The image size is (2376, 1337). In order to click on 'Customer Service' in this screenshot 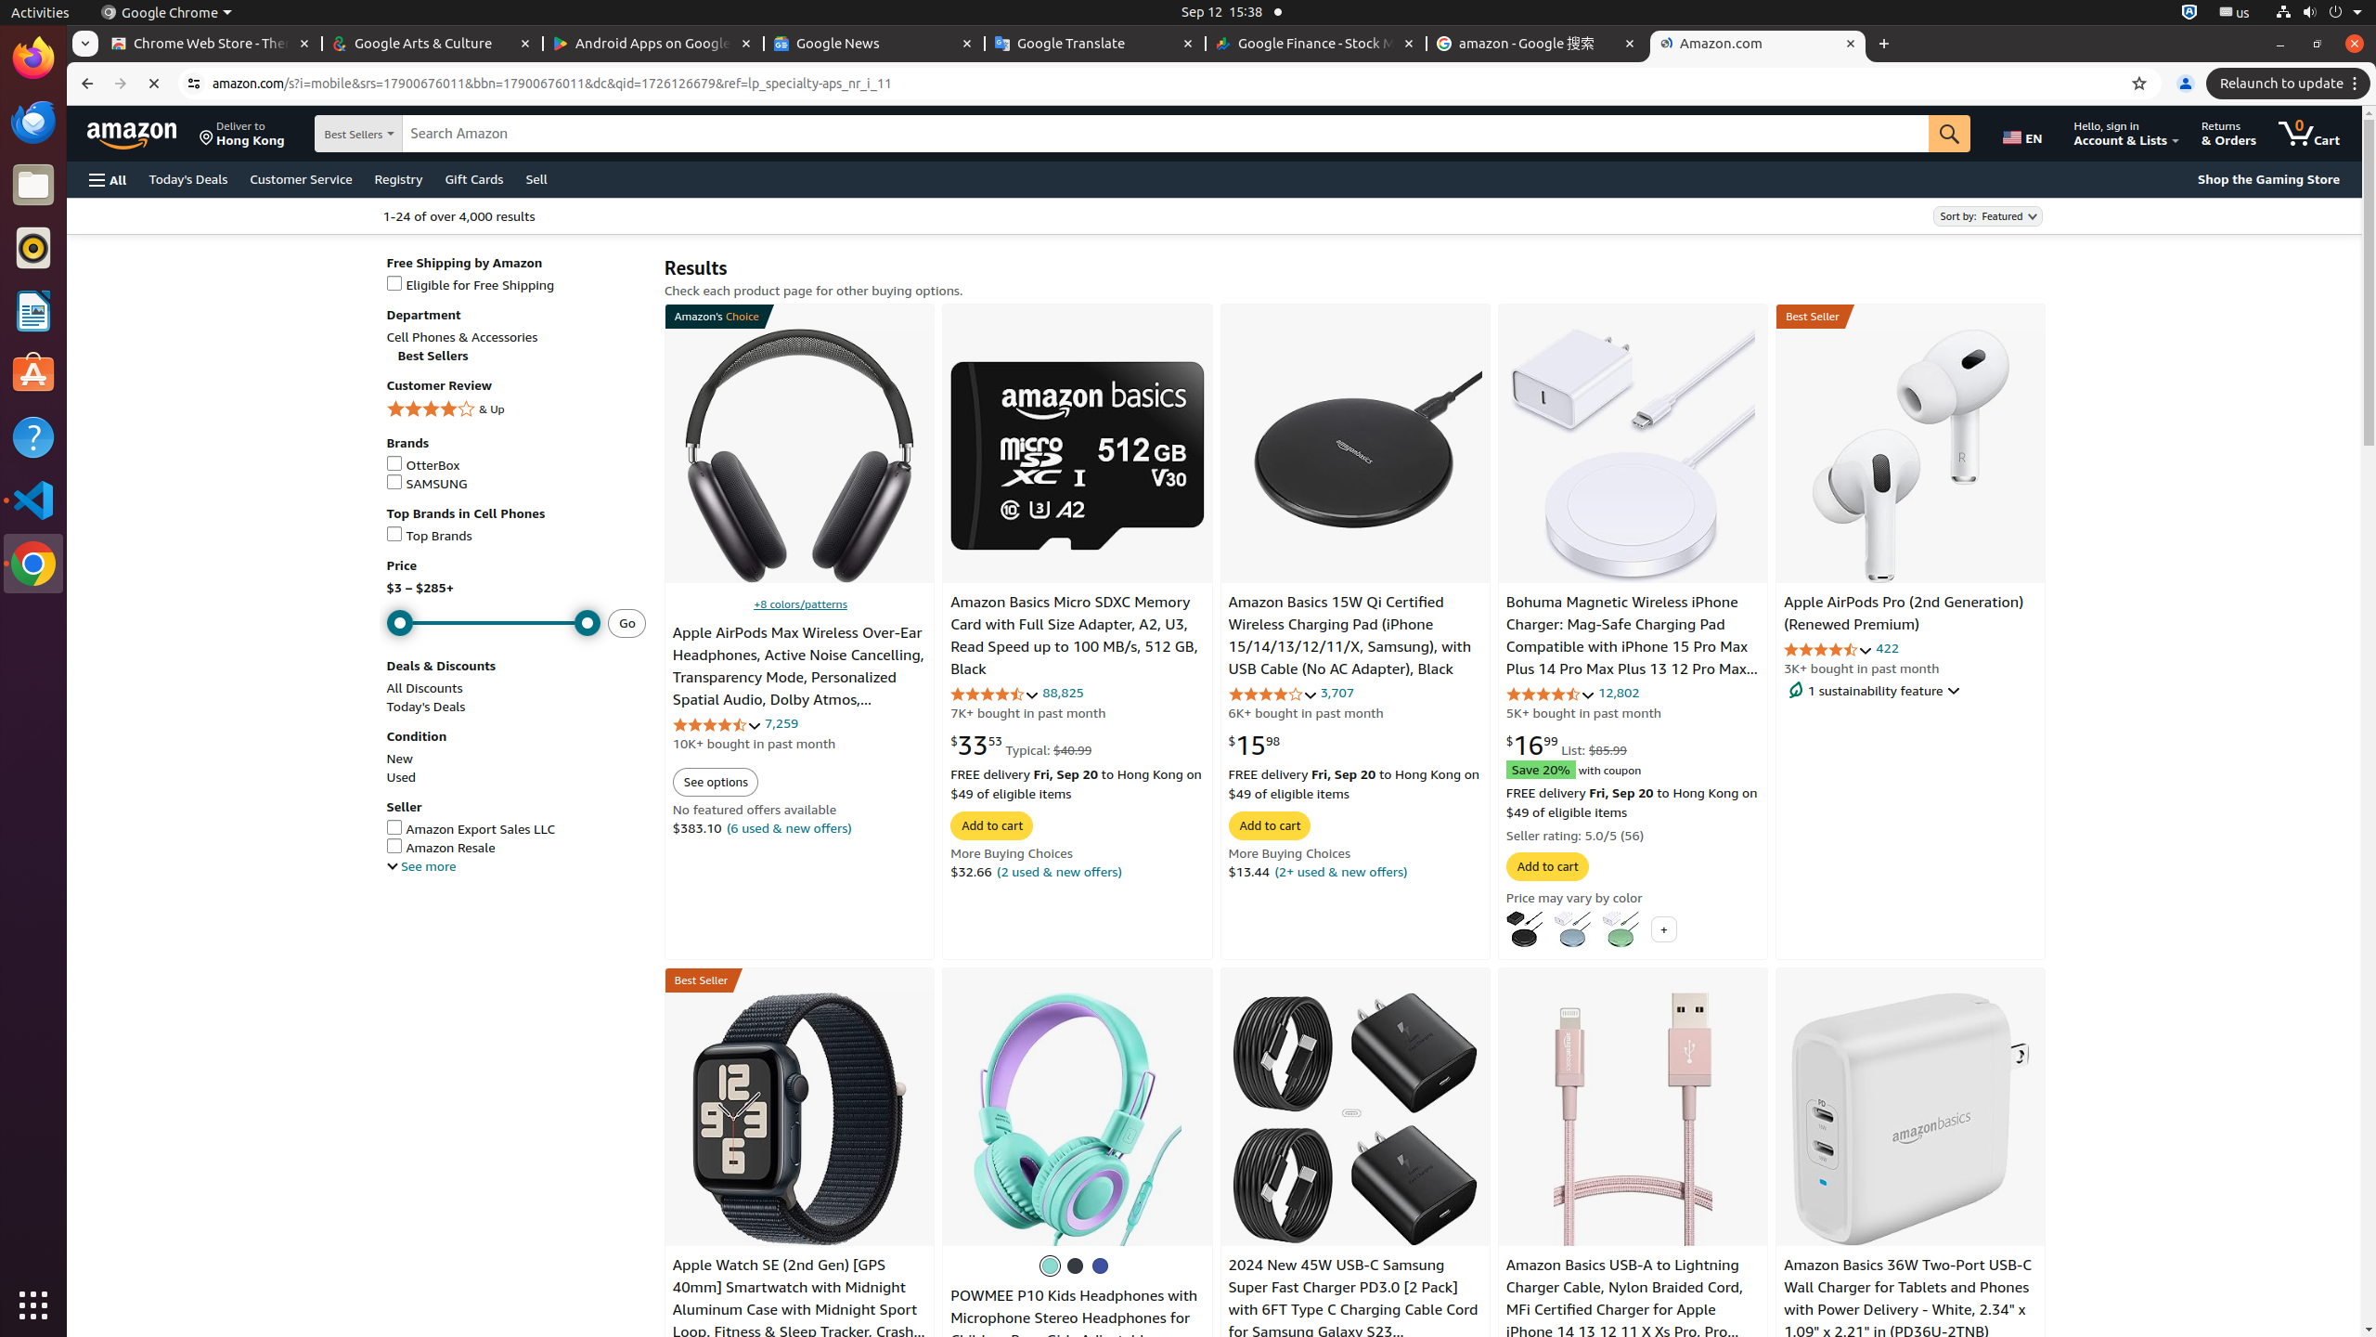, I will do `click(300, 177)`.